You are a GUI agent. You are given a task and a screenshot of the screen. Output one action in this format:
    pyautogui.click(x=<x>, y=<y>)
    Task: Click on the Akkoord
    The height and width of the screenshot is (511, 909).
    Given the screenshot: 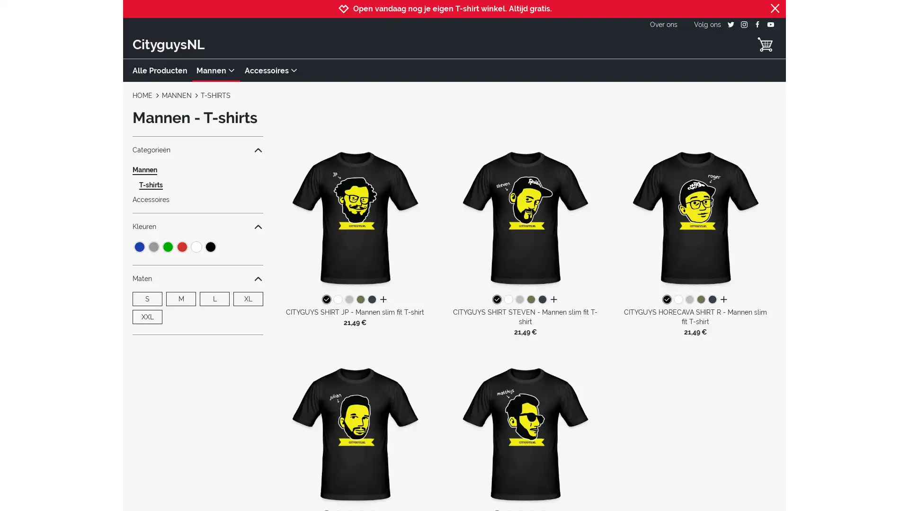 What is the action you would take?
    pyautogui.click(x=677, y=456)
    